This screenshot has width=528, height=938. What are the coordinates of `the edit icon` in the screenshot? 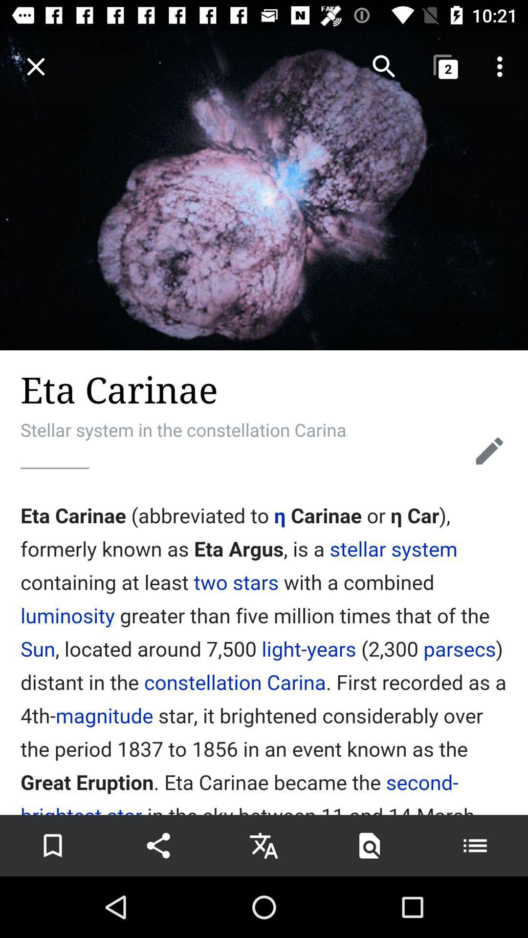 It's located at (489, 450).